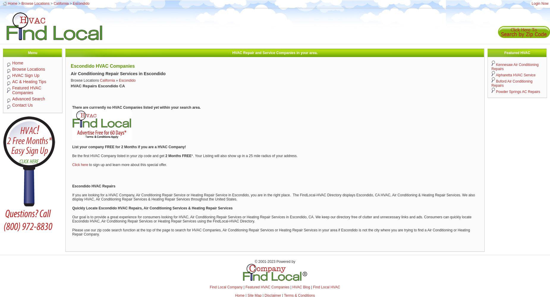 This screenshot has height=297, width=550. What do you see at coordinates (27, 53) in the screenshot?
I see `'Menu'` at bounding box center [27, 53].